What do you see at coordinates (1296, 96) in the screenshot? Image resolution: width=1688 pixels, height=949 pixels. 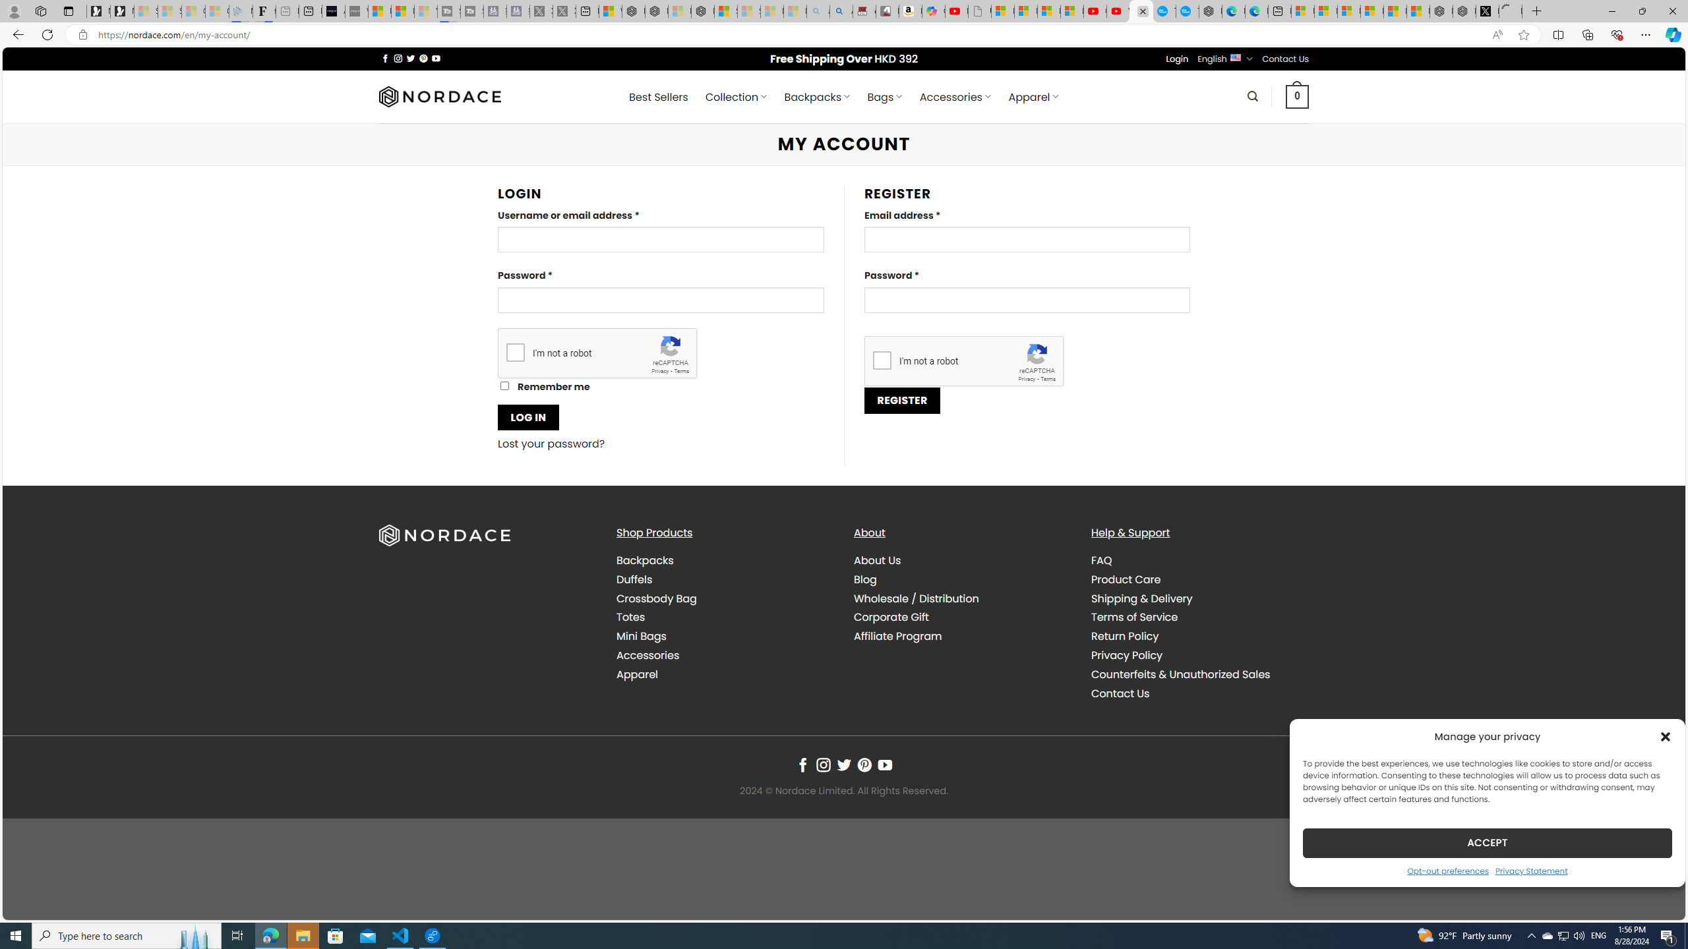 I see `'  0  '` at bounding box center [1296, 96].